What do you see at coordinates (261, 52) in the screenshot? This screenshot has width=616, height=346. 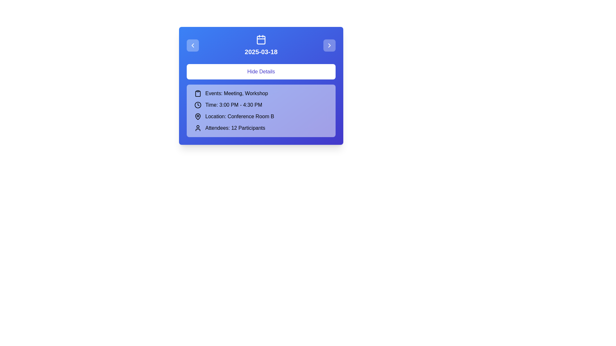 I see `the bold text label displaying '2025-03-18' which is centrally placed on a blue background in the header section of the card-like component` at bounding box center [261, 52].